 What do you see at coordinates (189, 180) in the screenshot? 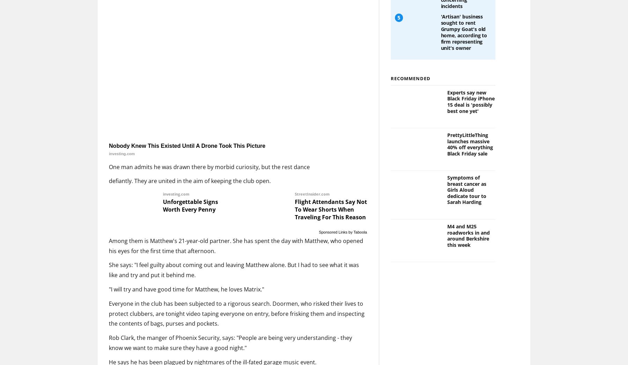
I see `'defiantly. They are united in the aim of keeping the club open.'` at bounding box center [189, 180].